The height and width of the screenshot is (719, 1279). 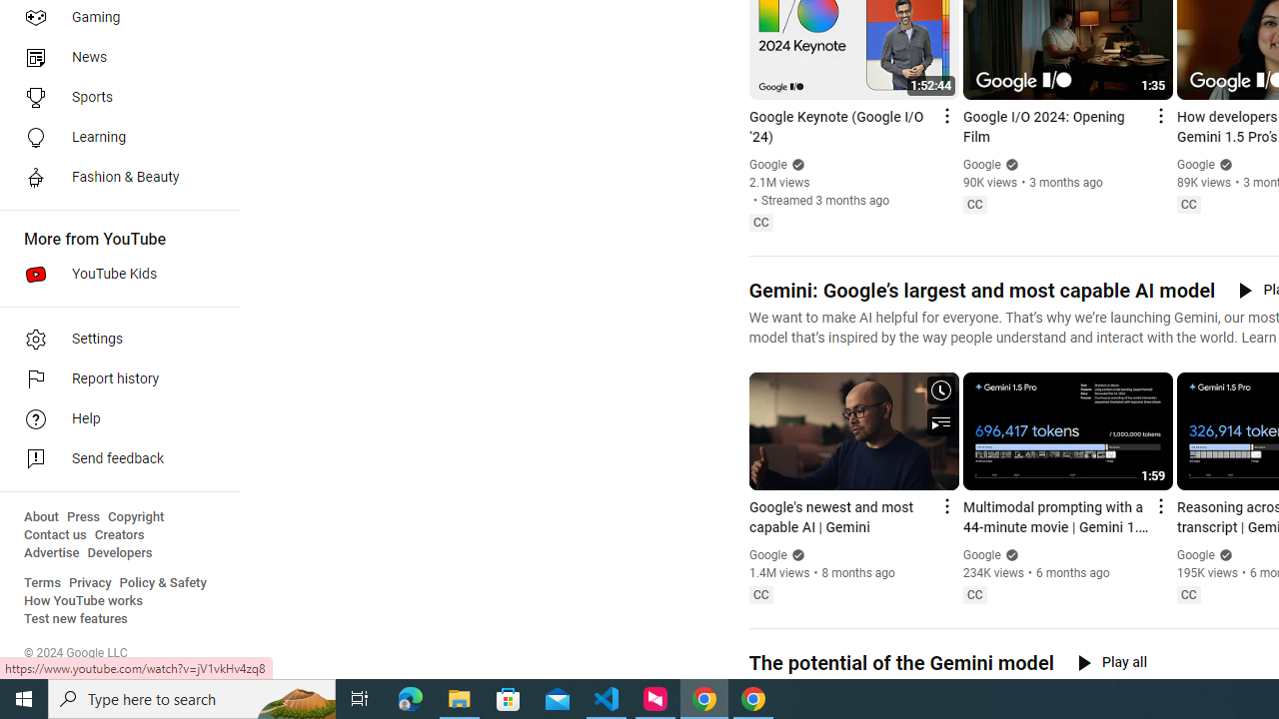 What do you see at coordinates (135, 516) in the screenshot?
I see `'Copyright'` at bounding box center [135, 516].